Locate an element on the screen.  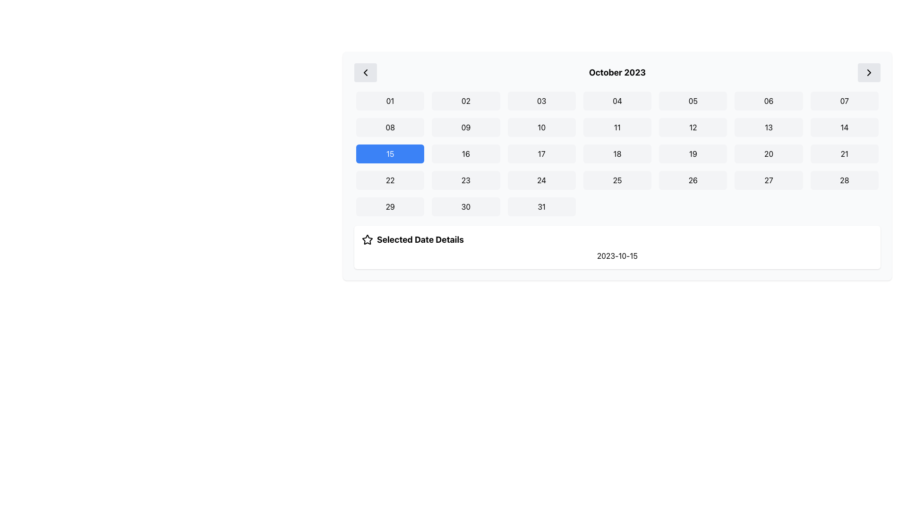
the button representing the date '27' in the calendar is located at coordinates (769, 180).